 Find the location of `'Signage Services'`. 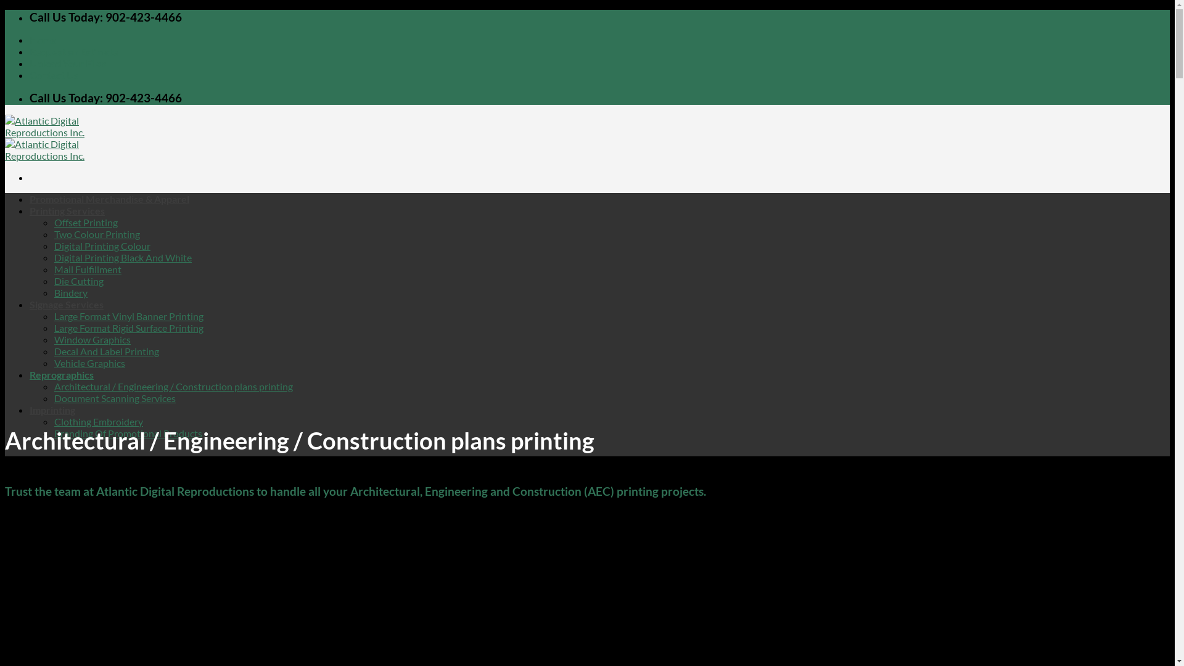

'Signage Services' is located at coordinates (65, 304).